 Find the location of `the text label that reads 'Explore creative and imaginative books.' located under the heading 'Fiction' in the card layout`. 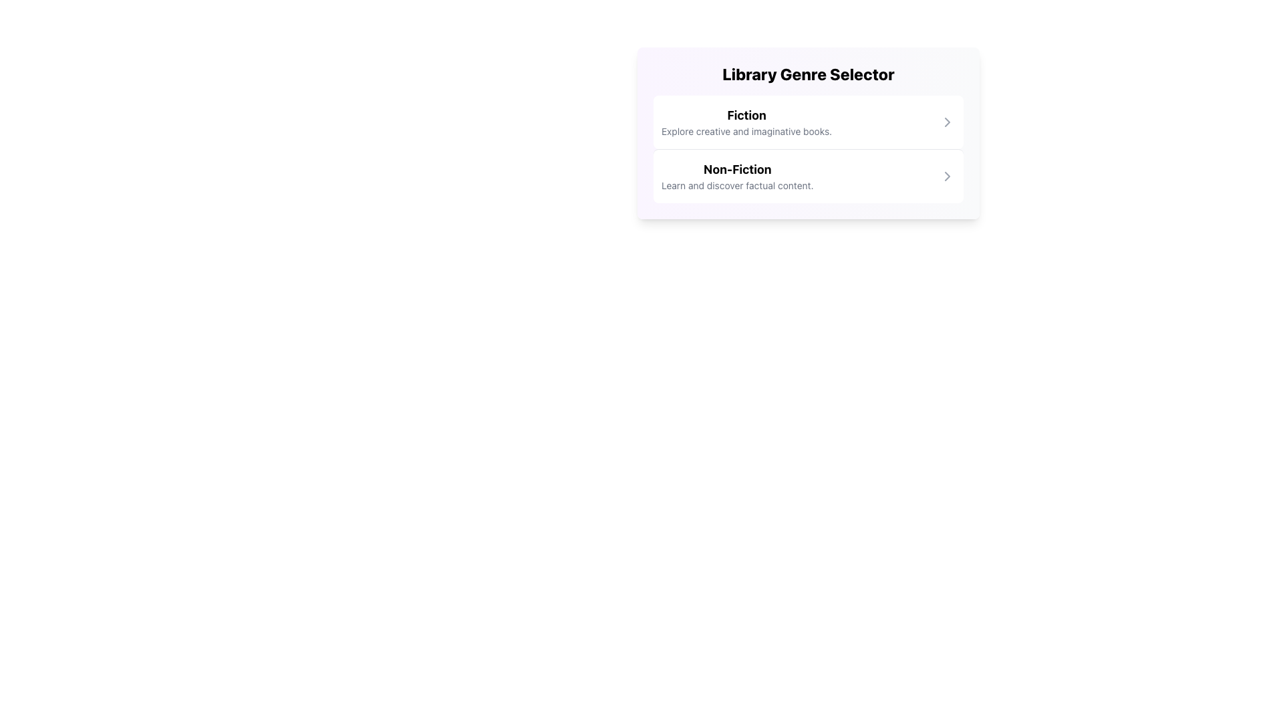

the text label that reads 'Explore creative and imaginative books.' located under the heading 'Fiction' in the card layout is located at coordinates (746, 131).